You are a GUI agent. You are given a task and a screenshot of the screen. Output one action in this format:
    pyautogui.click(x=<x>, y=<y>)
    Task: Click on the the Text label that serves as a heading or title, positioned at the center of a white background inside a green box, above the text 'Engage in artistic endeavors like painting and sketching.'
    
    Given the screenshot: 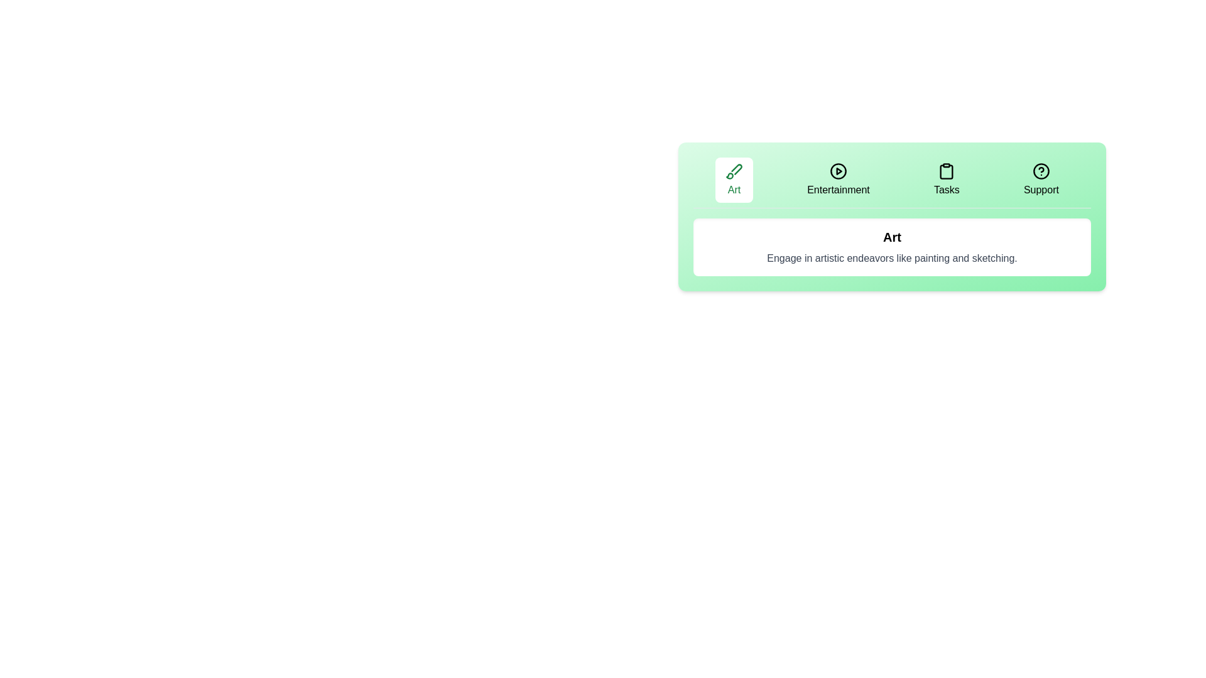 What is the action you would take?
    pyautogui.click(x=891, y=237)
    